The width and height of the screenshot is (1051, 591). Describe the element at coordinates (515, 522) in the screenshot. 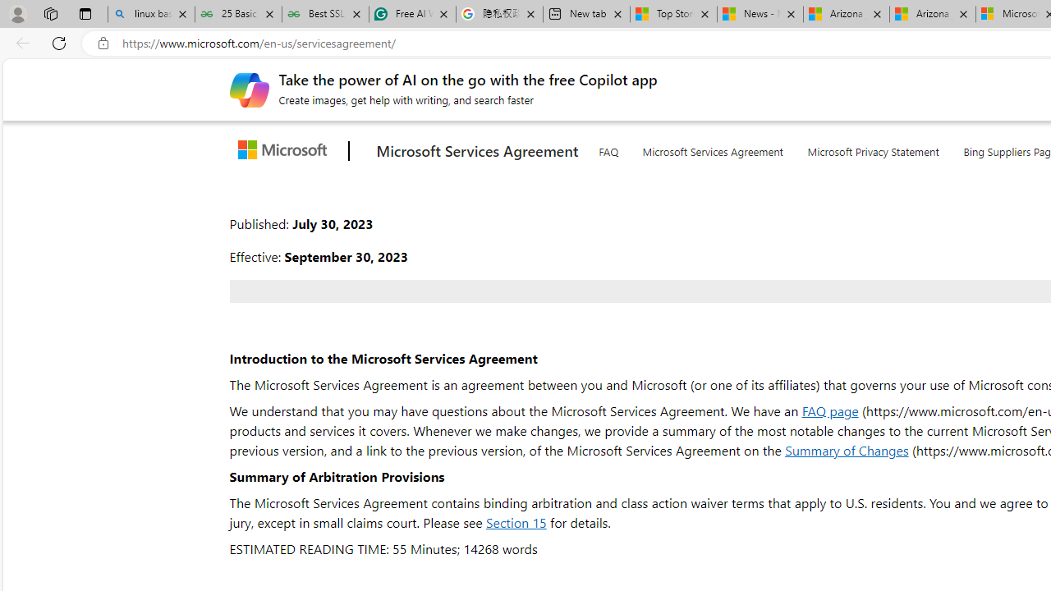

I see `'Section 15'` at that location.